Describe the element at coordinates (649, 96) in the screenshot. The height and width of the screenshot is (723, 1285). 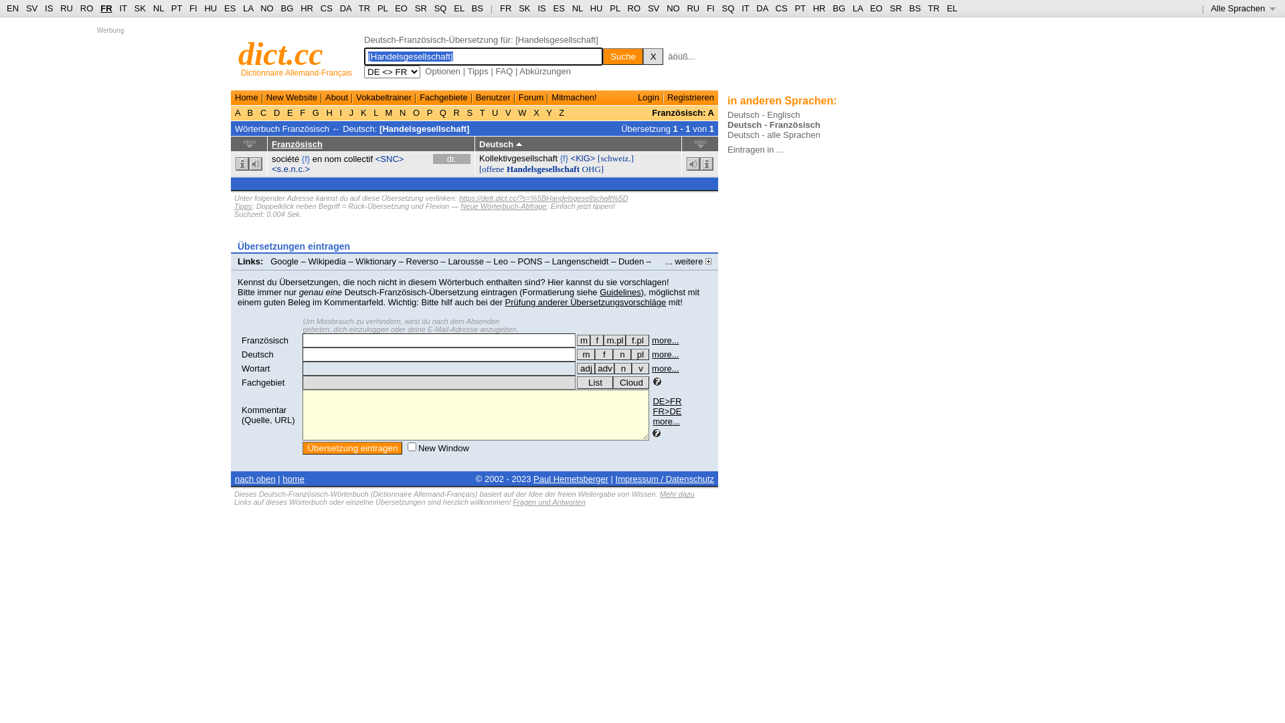
I see `'Login'` at that location.